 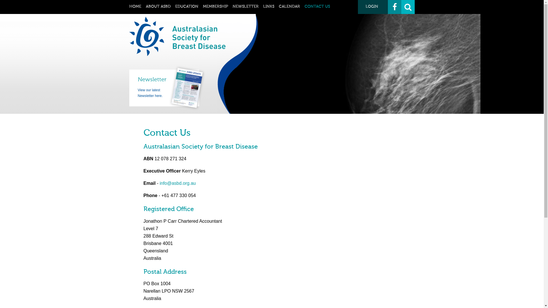 I want to click on 'ABOUT ASBD', so click(x=158, y=7).